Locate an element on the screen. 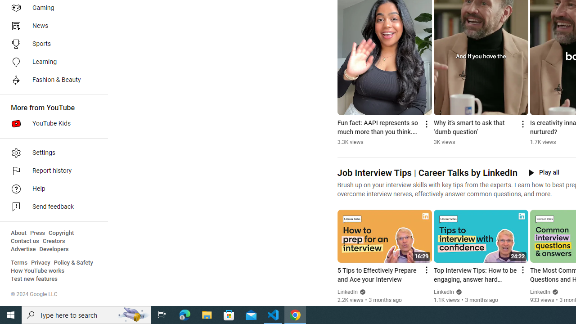  'How YouTube works' is located at coordinates (37, 270).